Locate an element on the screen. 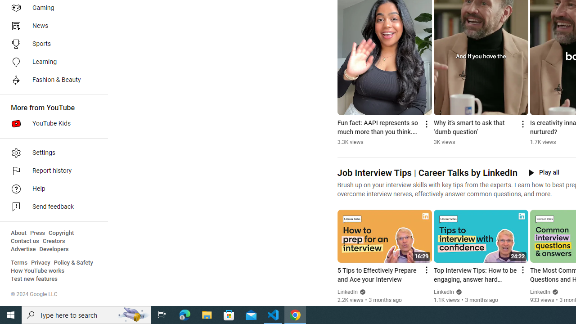  'How YouTube works' is located at coordinates (37, 270).